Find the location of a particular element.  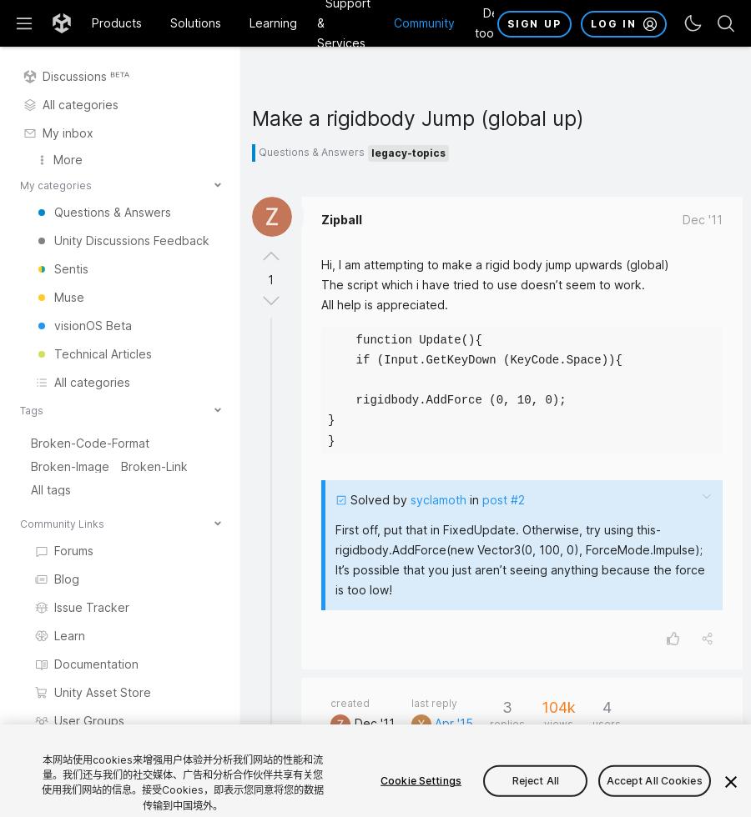

'function Update(){
	if (Input.GetKeyDown (KeyCode.Space)){

    rigidbody.AddForce (0, 10, 0);
}
}' is located at coordinates (328, 390).